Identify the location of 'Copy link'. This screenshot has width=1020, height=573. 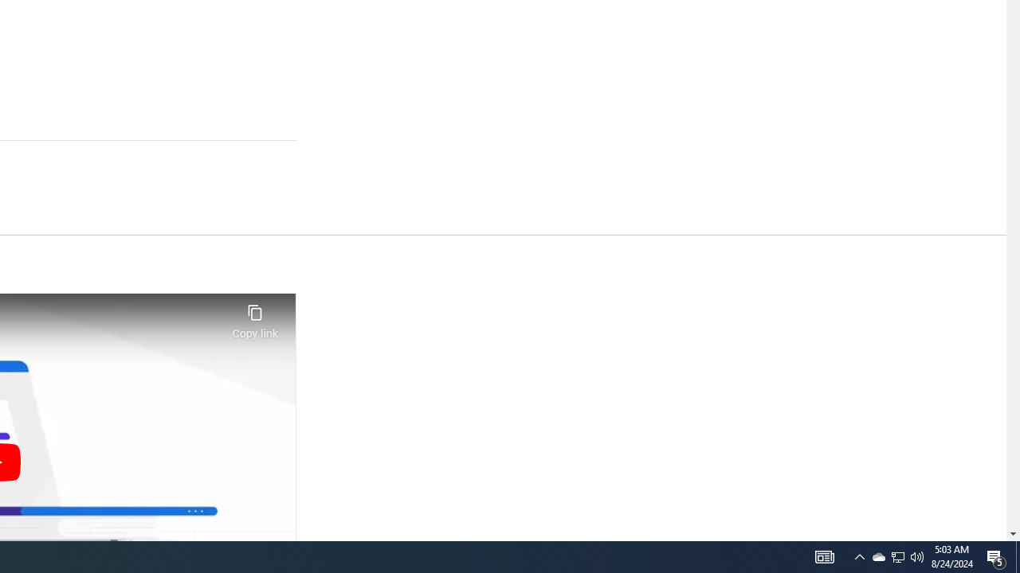
(255, 317).